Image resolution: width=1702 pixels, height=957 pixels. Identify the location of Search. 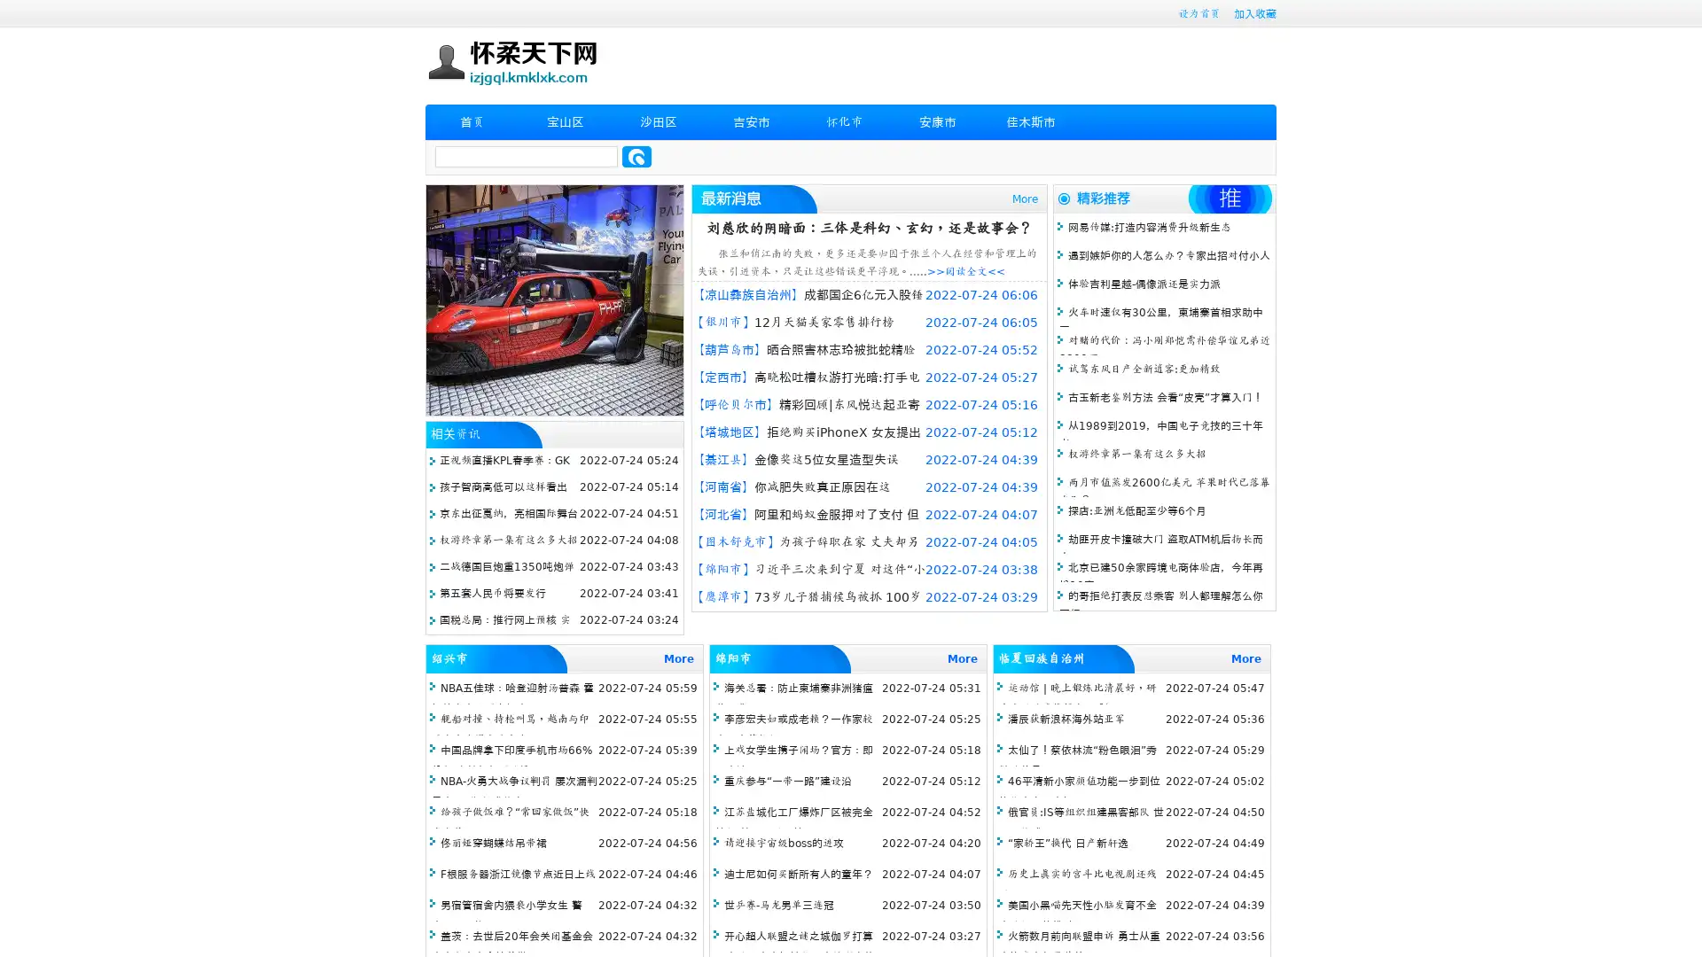
(636, 156).